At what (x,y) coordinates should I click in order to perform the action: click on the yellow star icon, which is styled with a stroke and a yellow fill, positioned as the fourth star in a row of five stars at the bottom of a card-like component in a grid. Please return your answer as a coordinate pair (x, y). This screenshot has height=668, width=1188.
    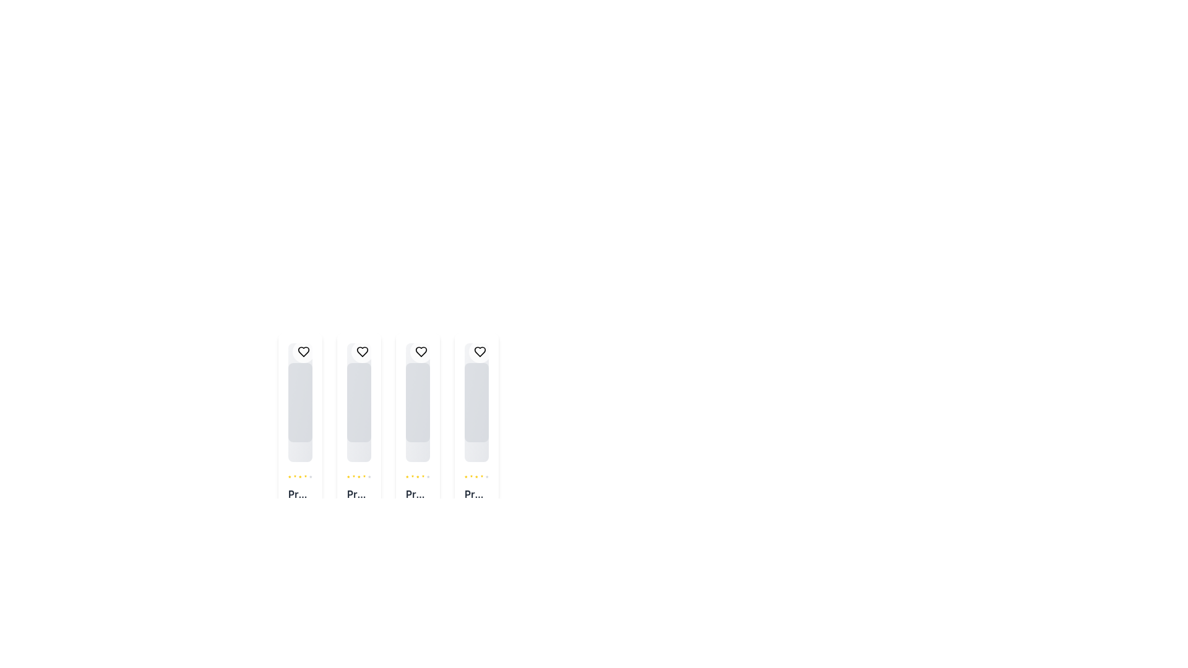
    Looking at the image, I should click on (300, 476).